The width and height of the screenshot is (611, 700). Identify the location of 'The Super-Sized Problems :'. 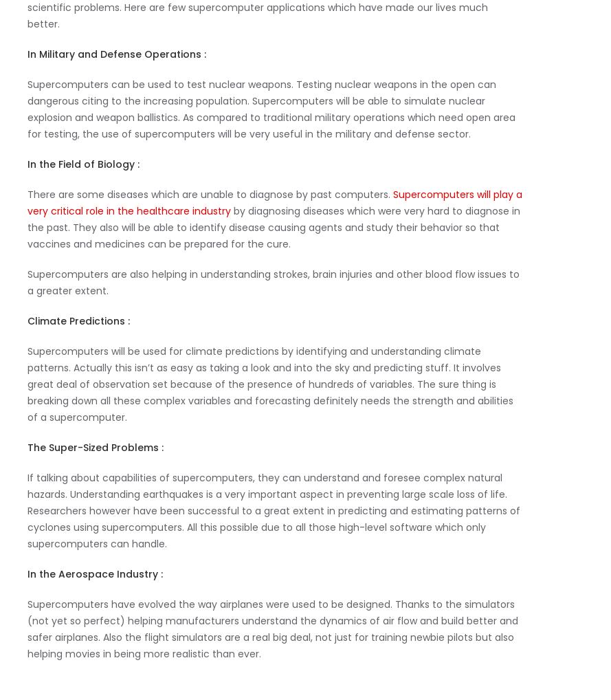
(27, 446).